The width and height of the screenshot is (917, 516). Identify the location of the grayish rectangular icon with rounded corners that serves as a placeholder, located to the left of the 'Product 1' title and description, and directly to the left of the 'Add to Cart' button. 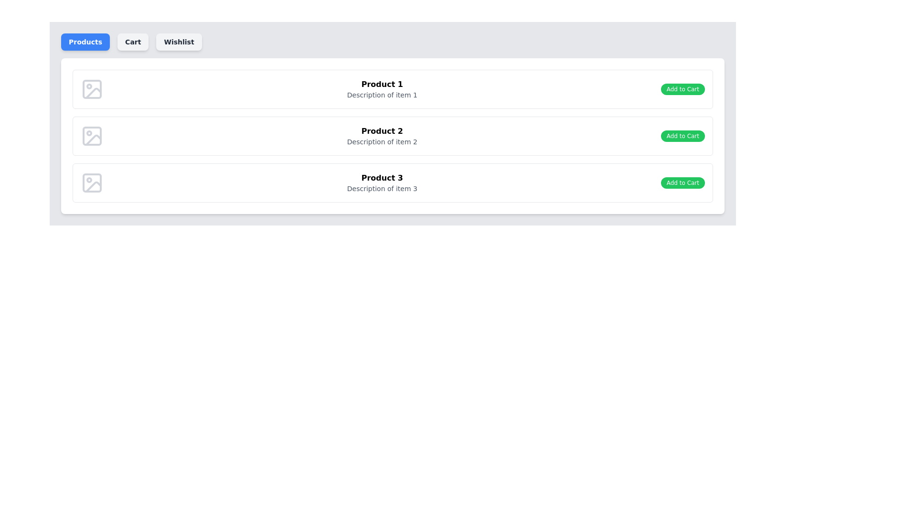
(92, 89).